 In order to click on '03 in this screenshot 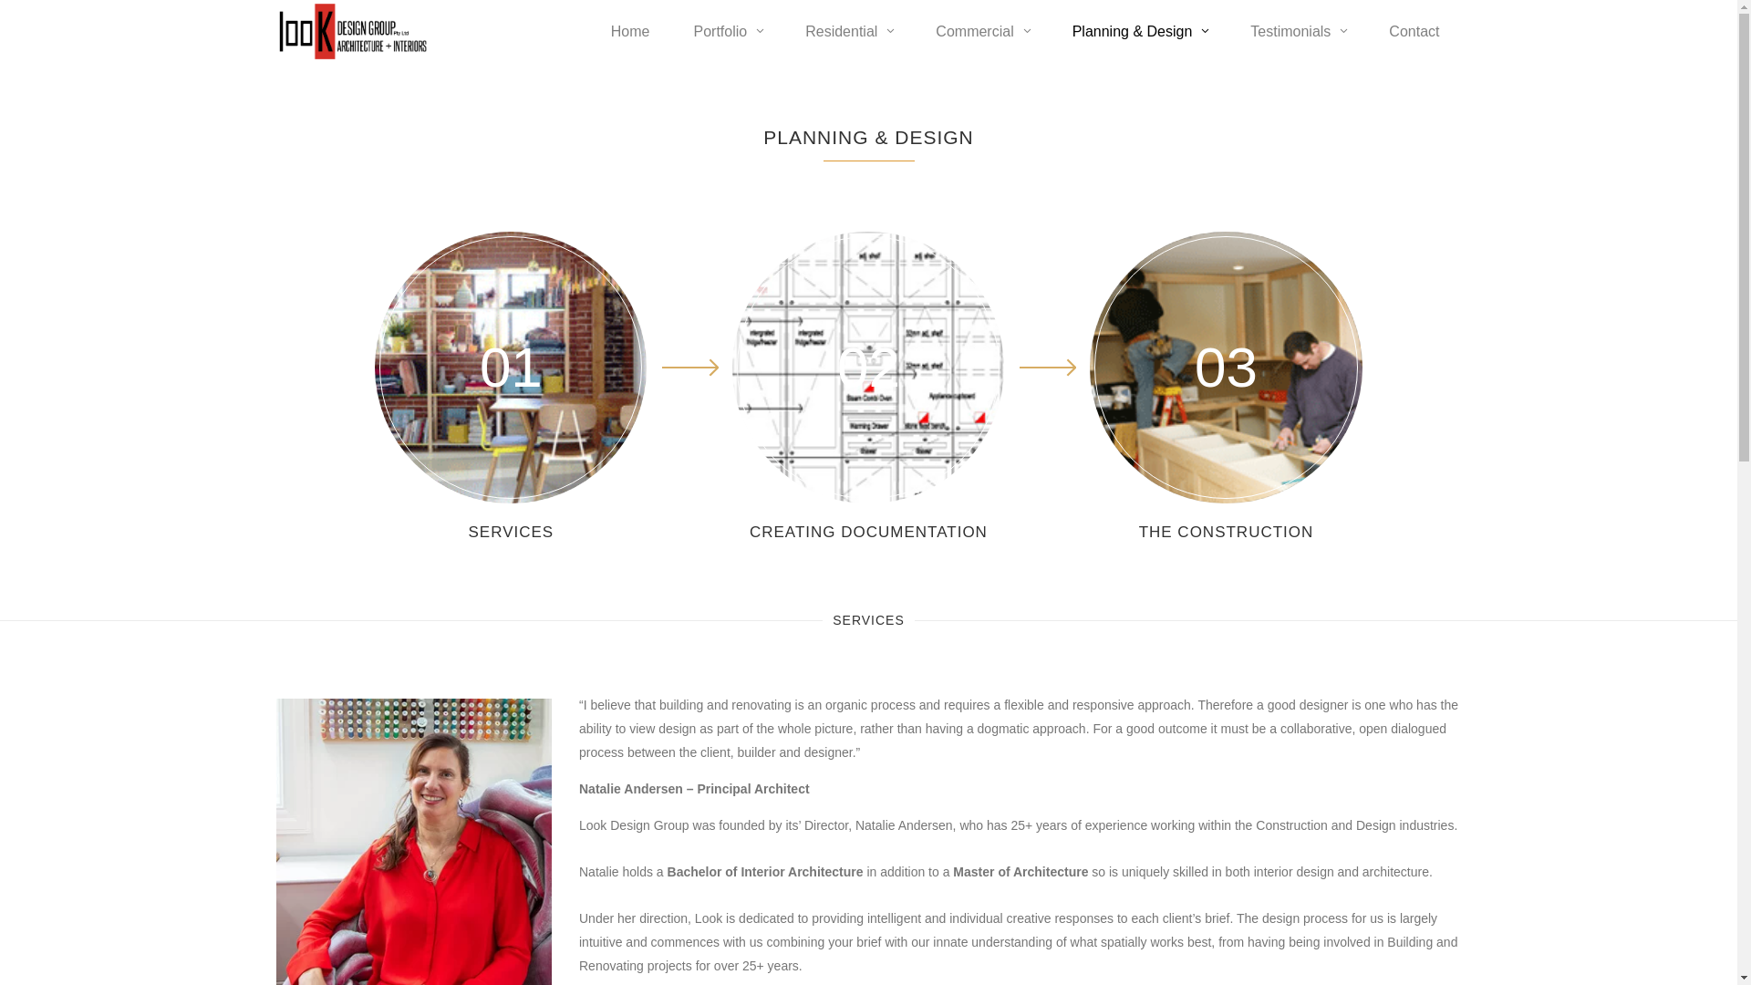, I will do `click(1226, 388)`.